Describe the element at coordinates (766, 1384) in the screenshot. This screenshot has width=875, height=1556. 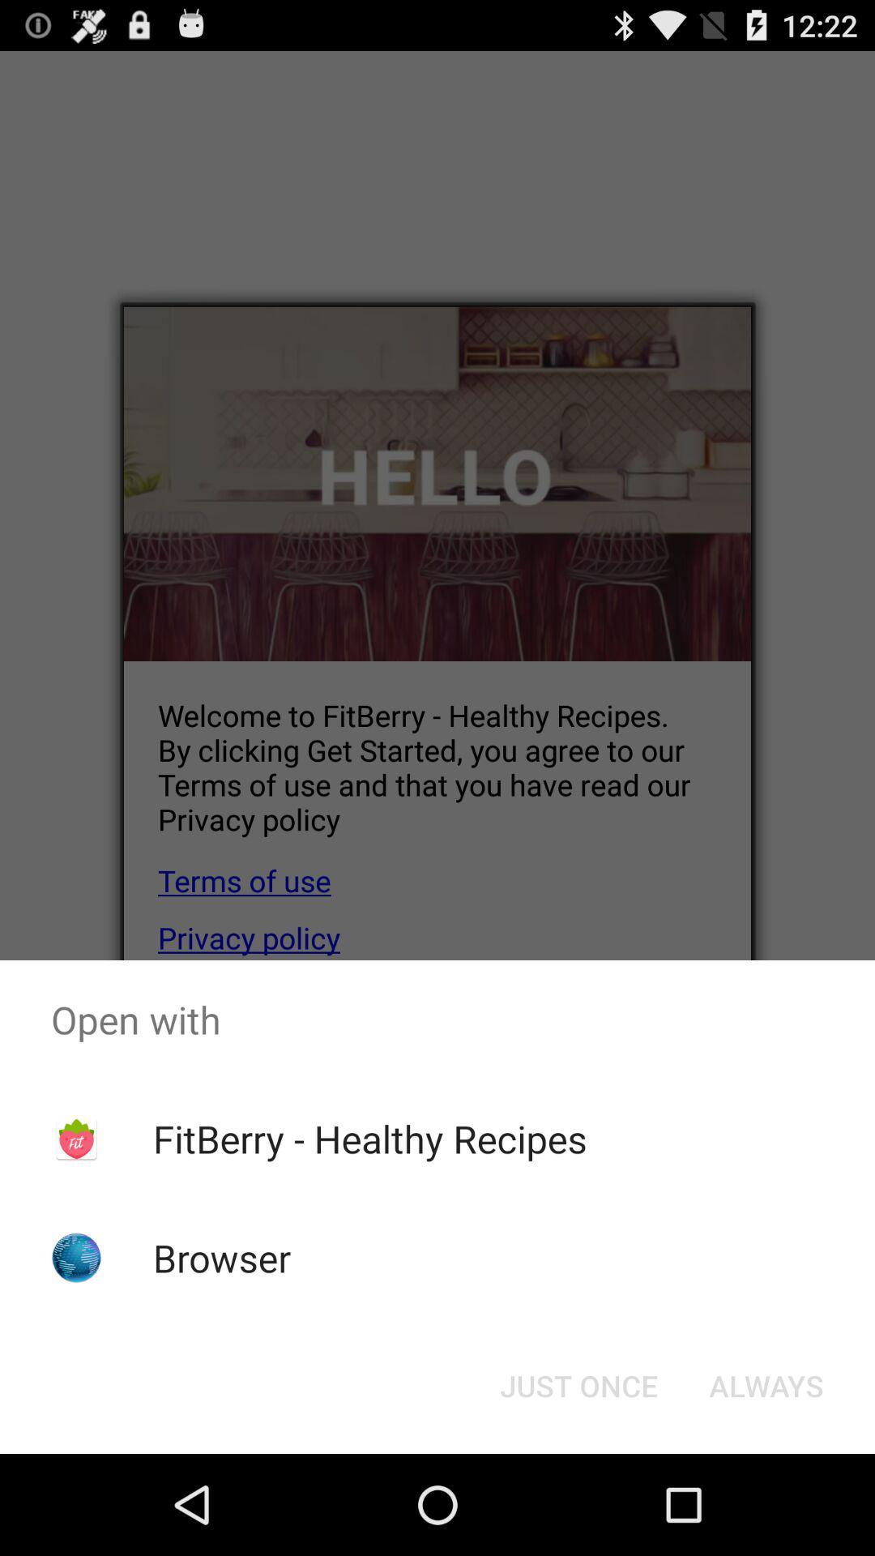
I see `the item at the bottom right corner` at that location.